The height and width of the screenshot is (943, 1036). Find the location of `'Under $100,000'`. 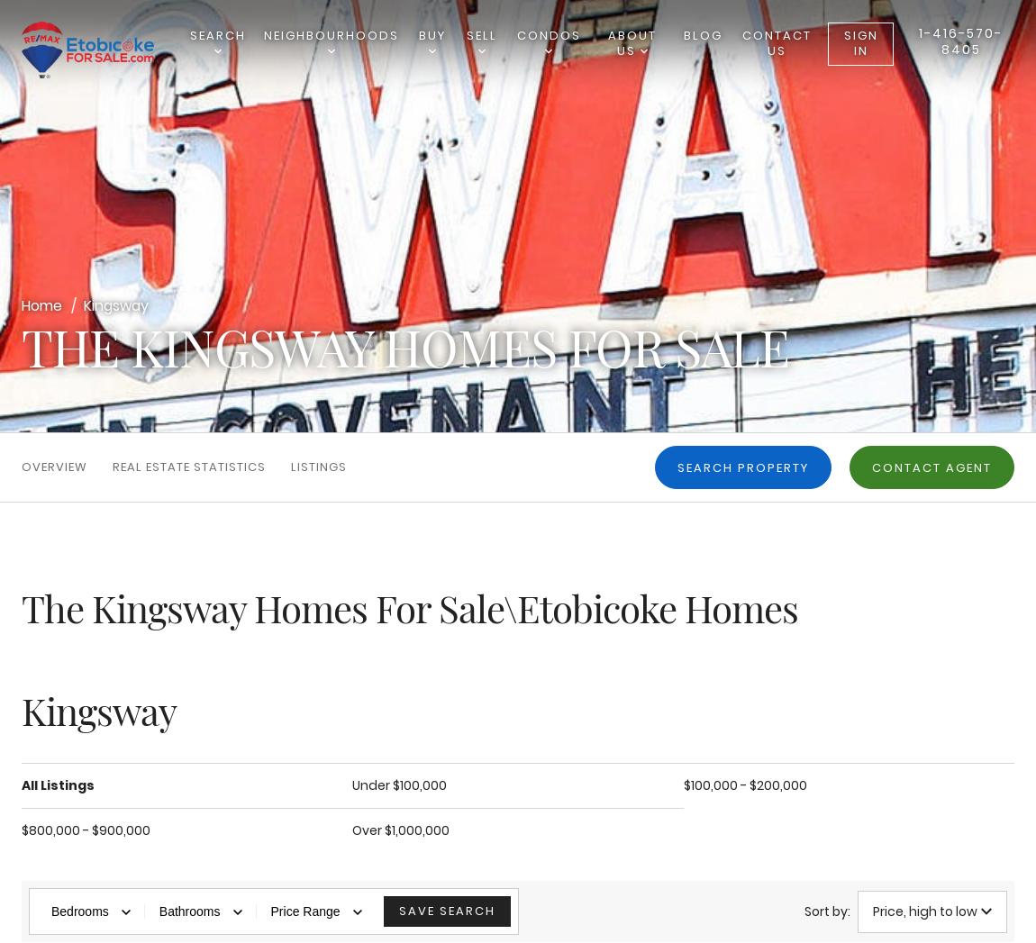

'Under $100,000' is located at coordinates (399, 783).